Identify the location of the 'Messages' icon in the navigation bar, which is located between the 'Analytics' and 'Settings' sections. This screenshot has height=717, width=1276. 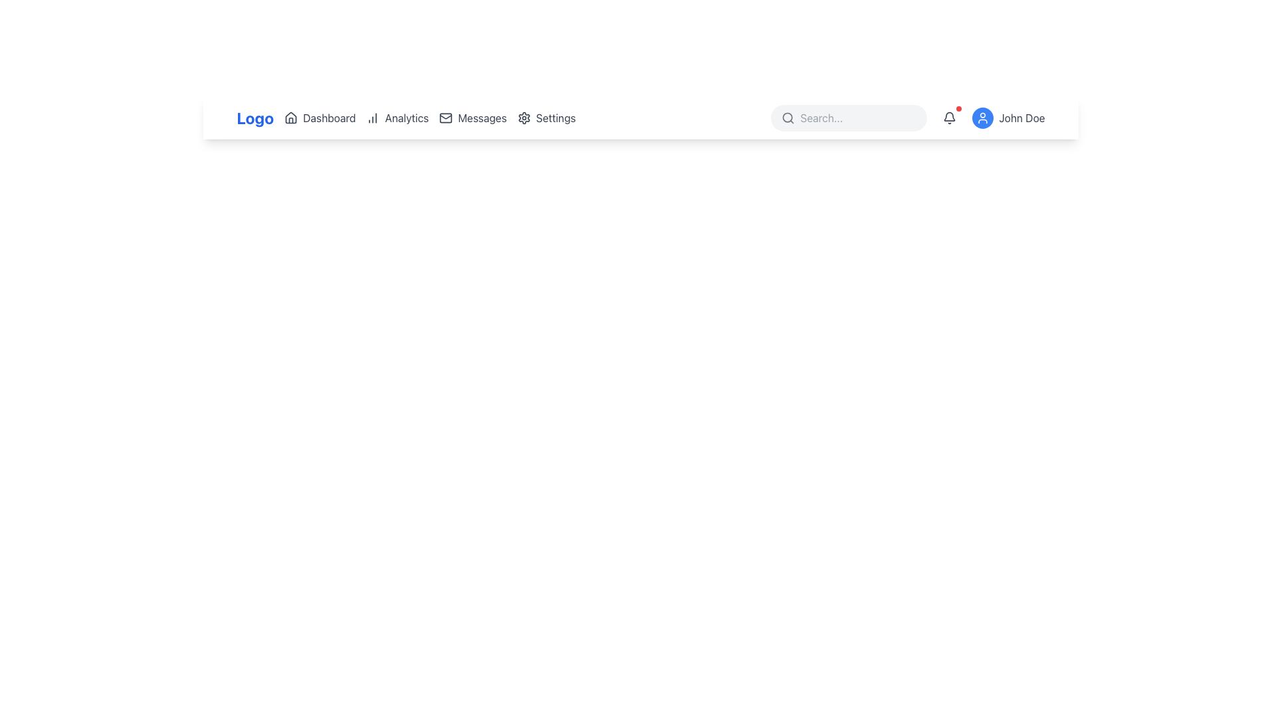
(446, 117).